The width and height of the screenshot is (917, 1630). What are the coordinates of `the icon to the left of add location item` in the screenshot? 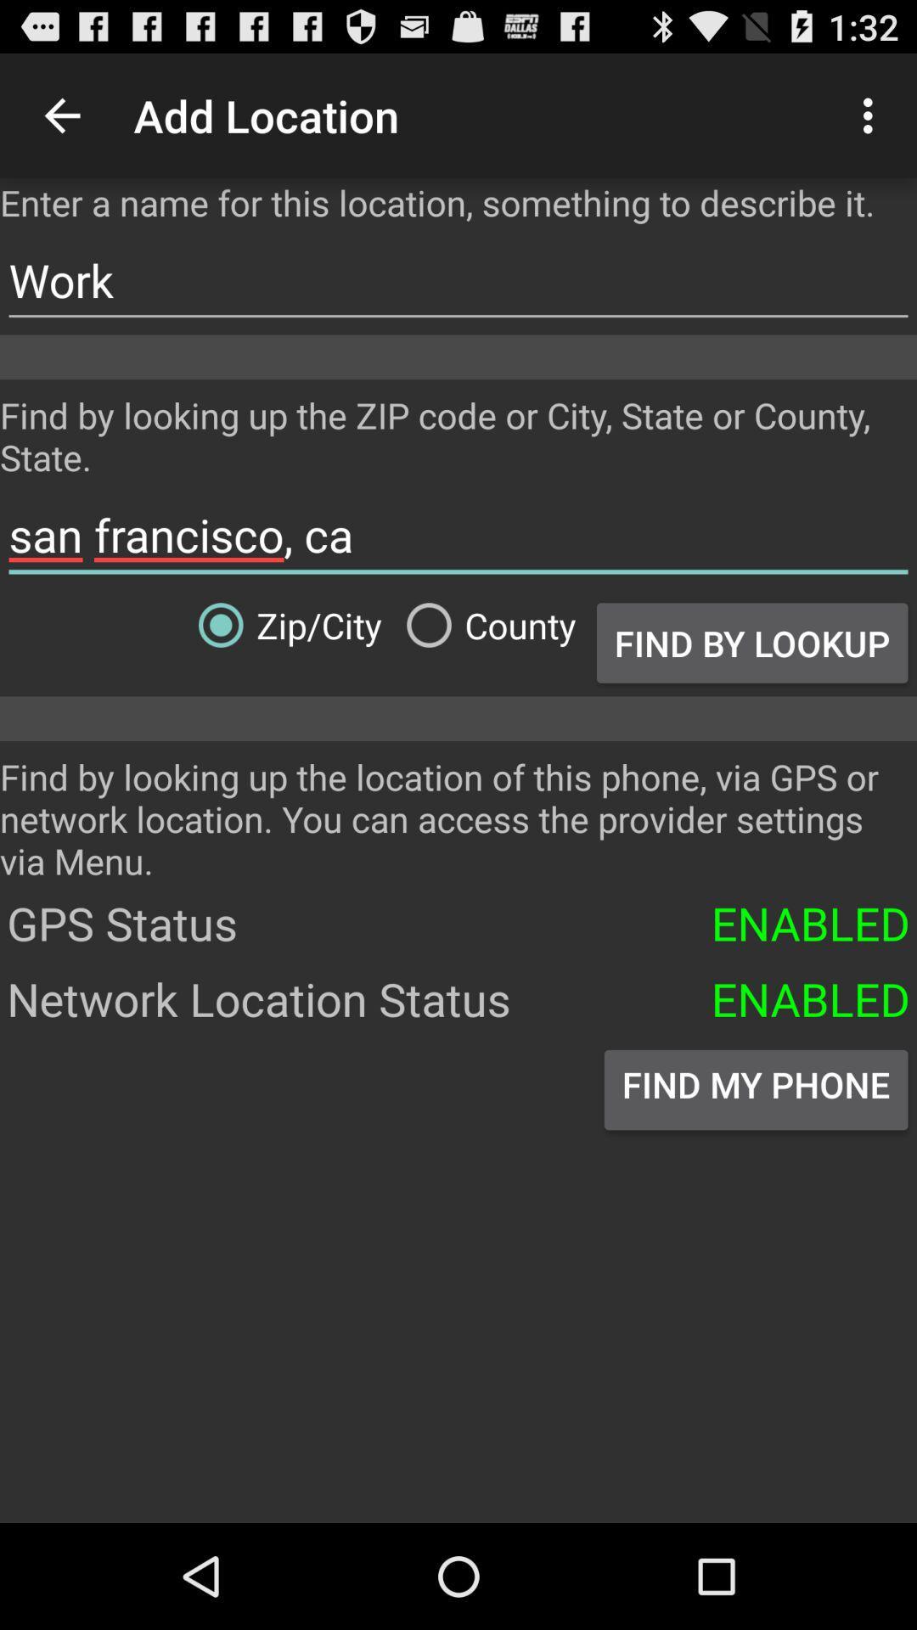 It's located at (61, 115).